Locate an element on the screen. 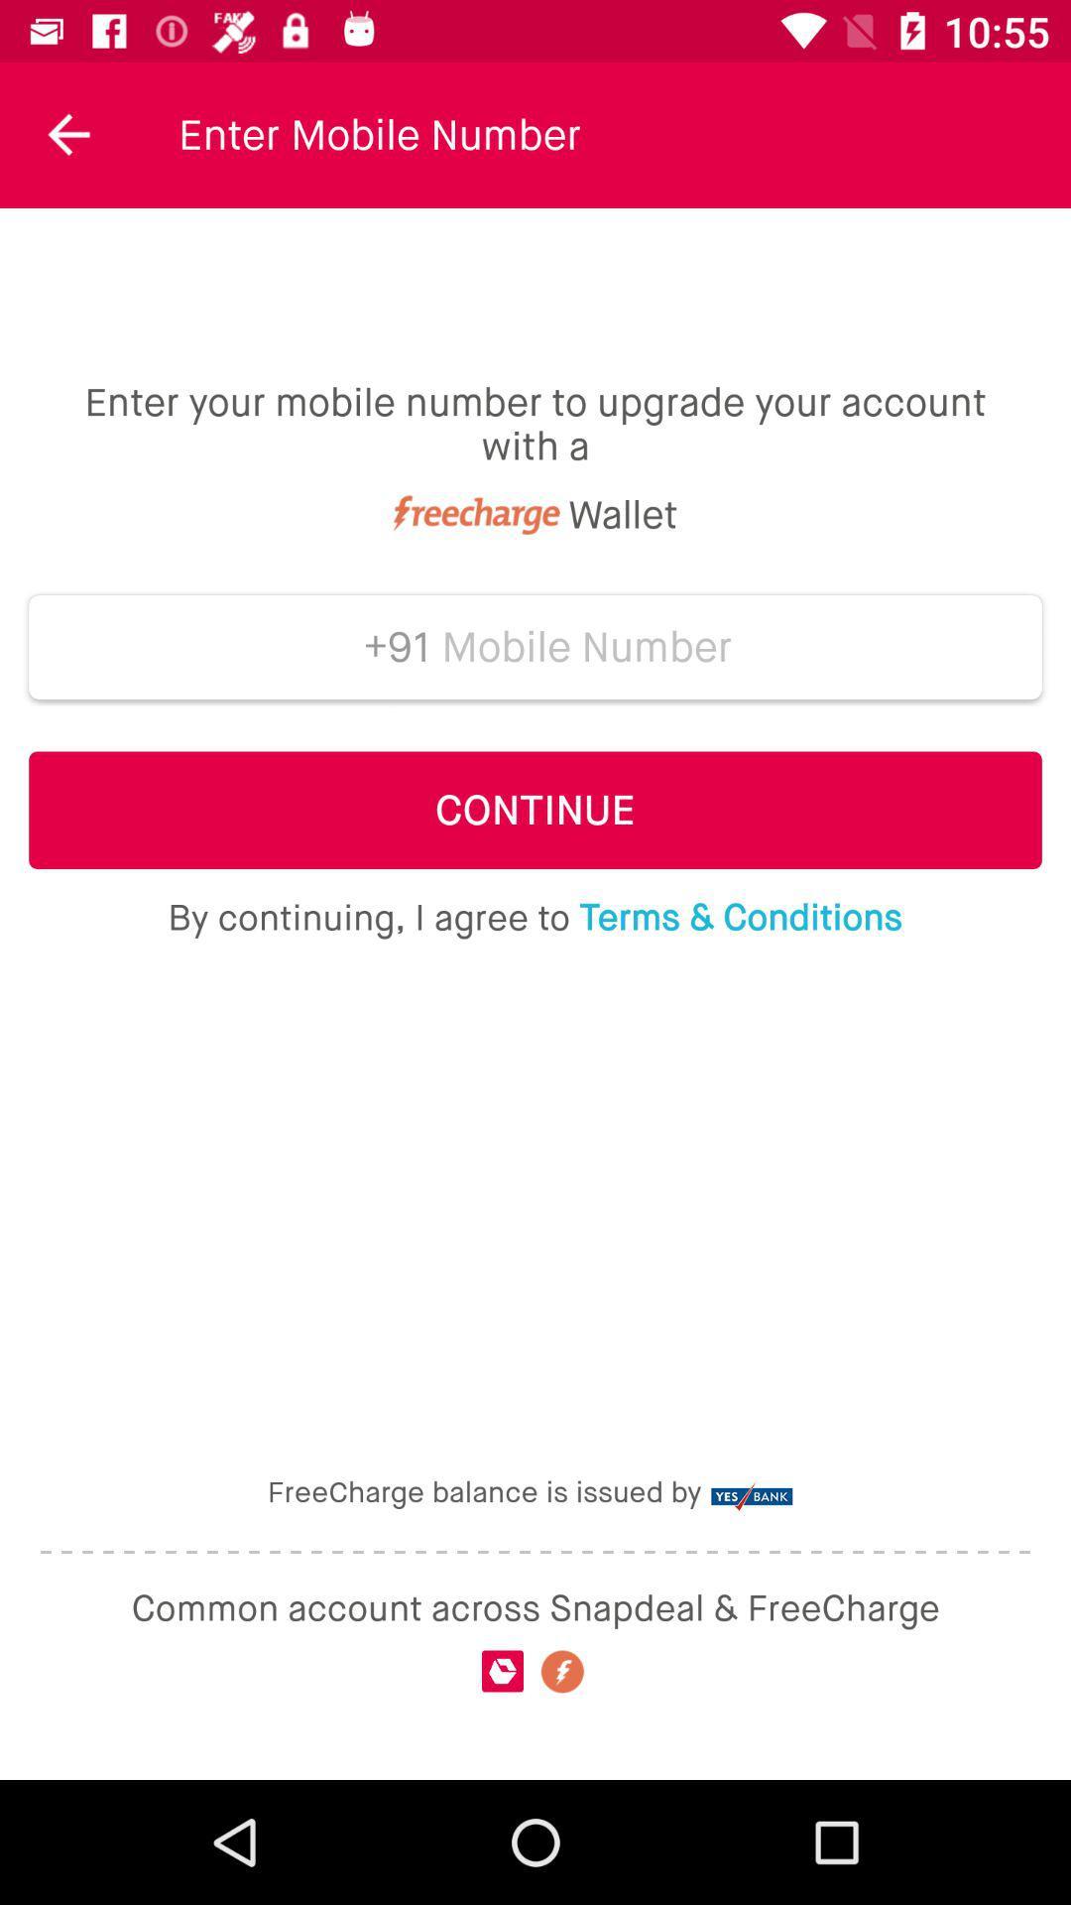  continue button is located at coordinates (535, 810).